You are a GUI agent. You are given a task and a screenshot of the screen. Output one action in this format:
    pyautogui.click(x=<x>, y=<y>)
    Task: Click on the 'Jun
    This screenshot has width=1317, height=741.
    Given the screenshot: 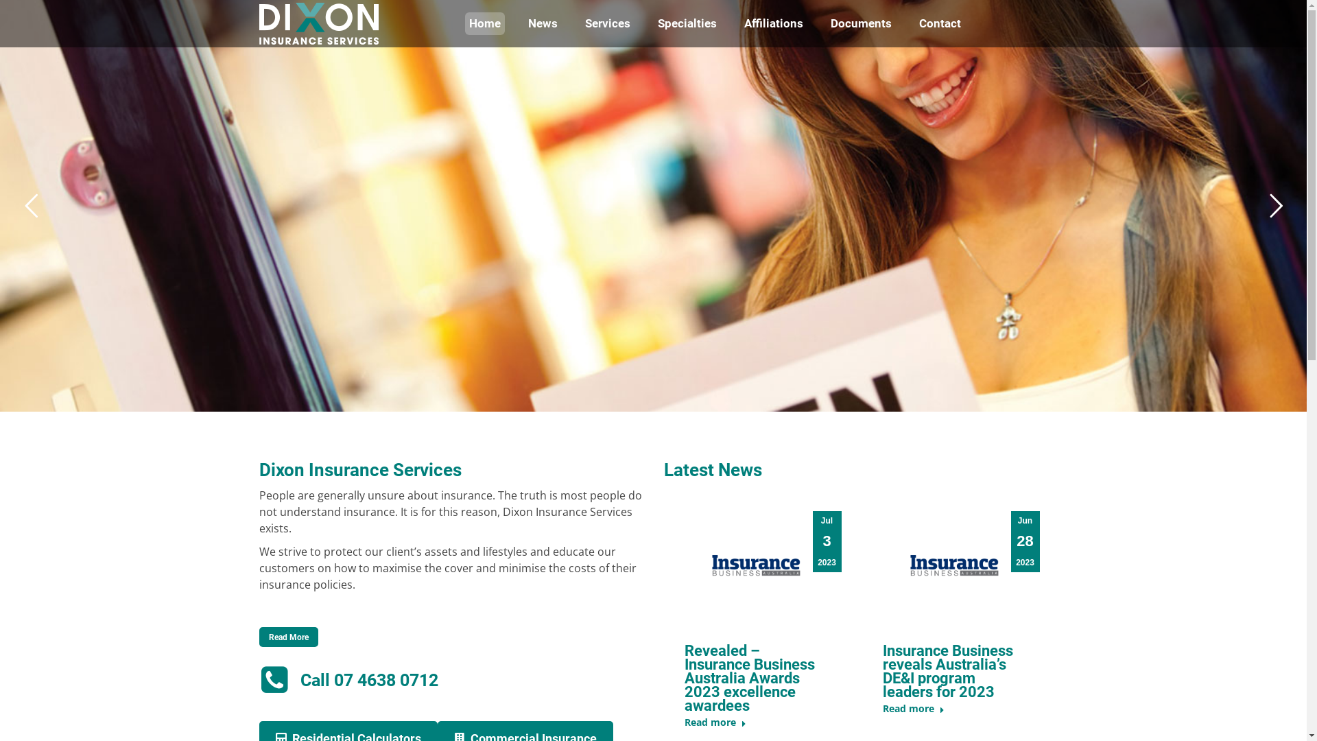 What is the action you would take?
    pyautogui.click(x=1025, y=541)
    